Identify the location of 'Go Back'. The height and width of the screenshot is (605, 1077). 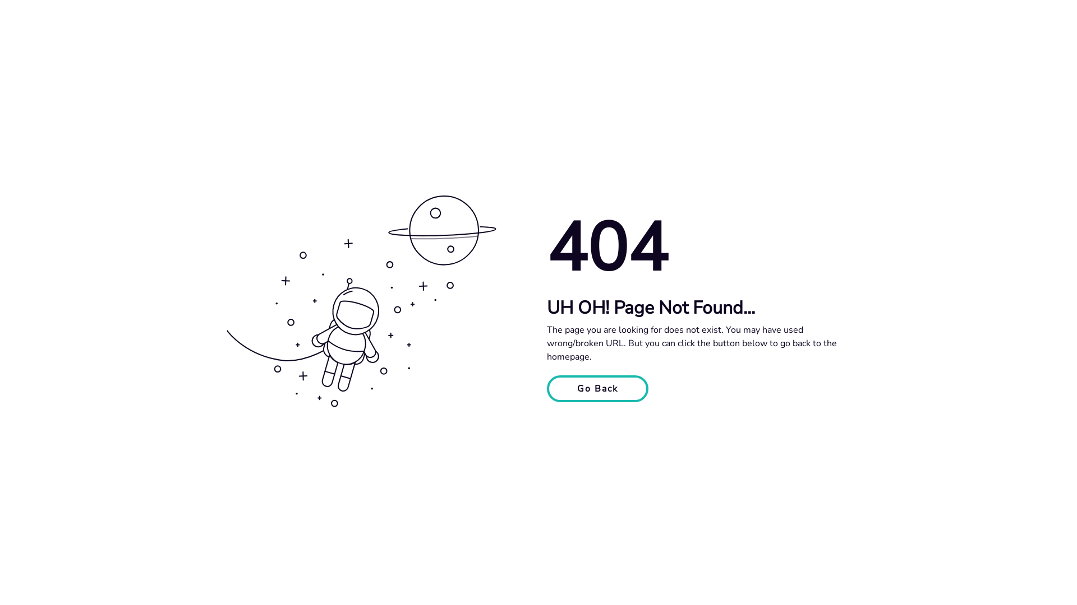
(597, 388).